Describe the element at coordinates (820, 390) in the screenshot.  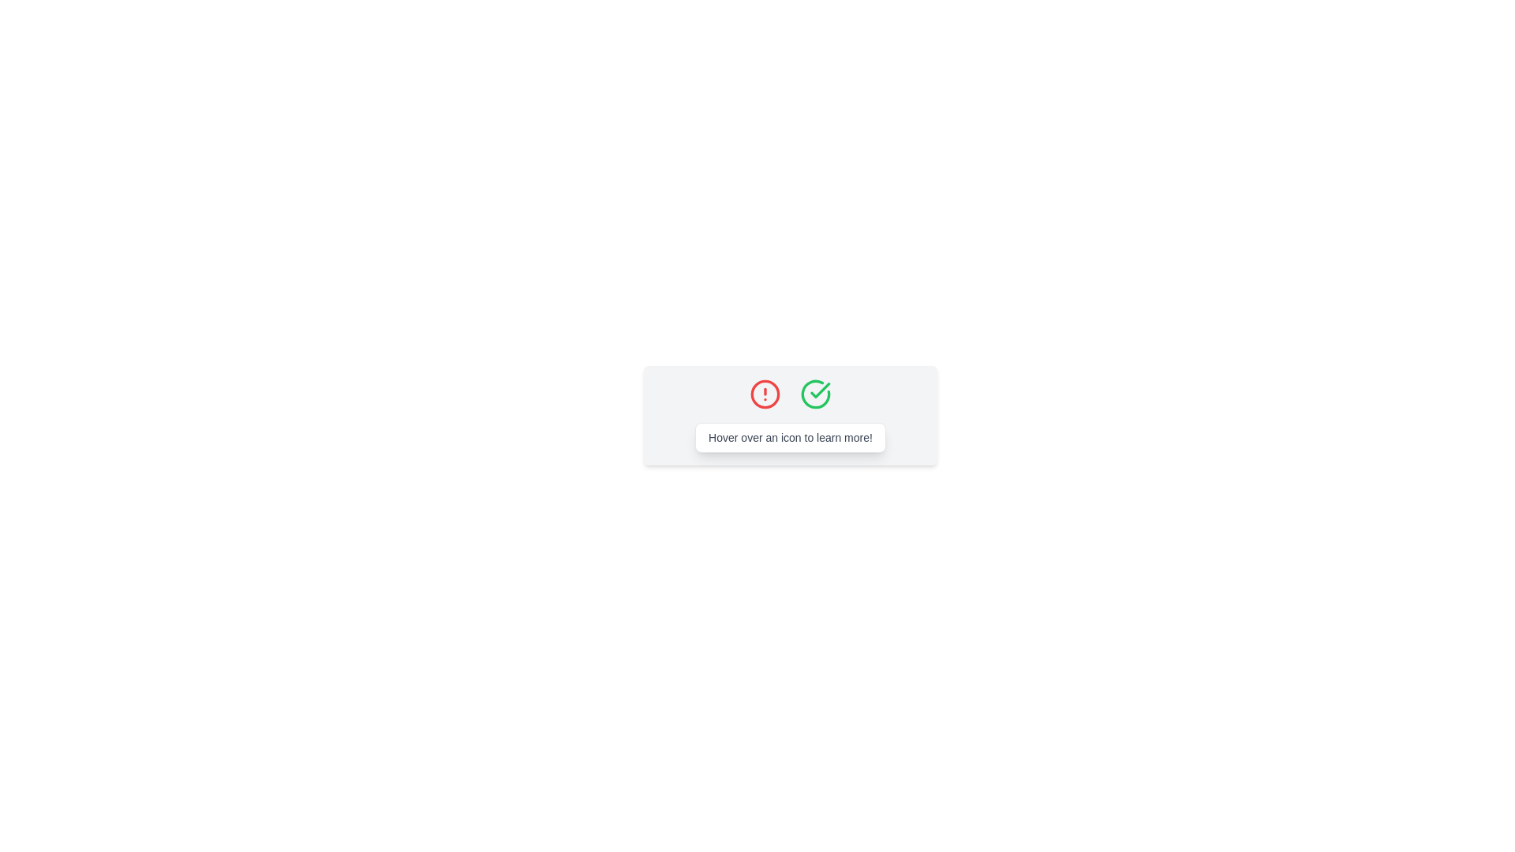
I see `the green checkmark icon, which is the central component of the green-bordered figure positioned to the right of a red warning icon` at that location.